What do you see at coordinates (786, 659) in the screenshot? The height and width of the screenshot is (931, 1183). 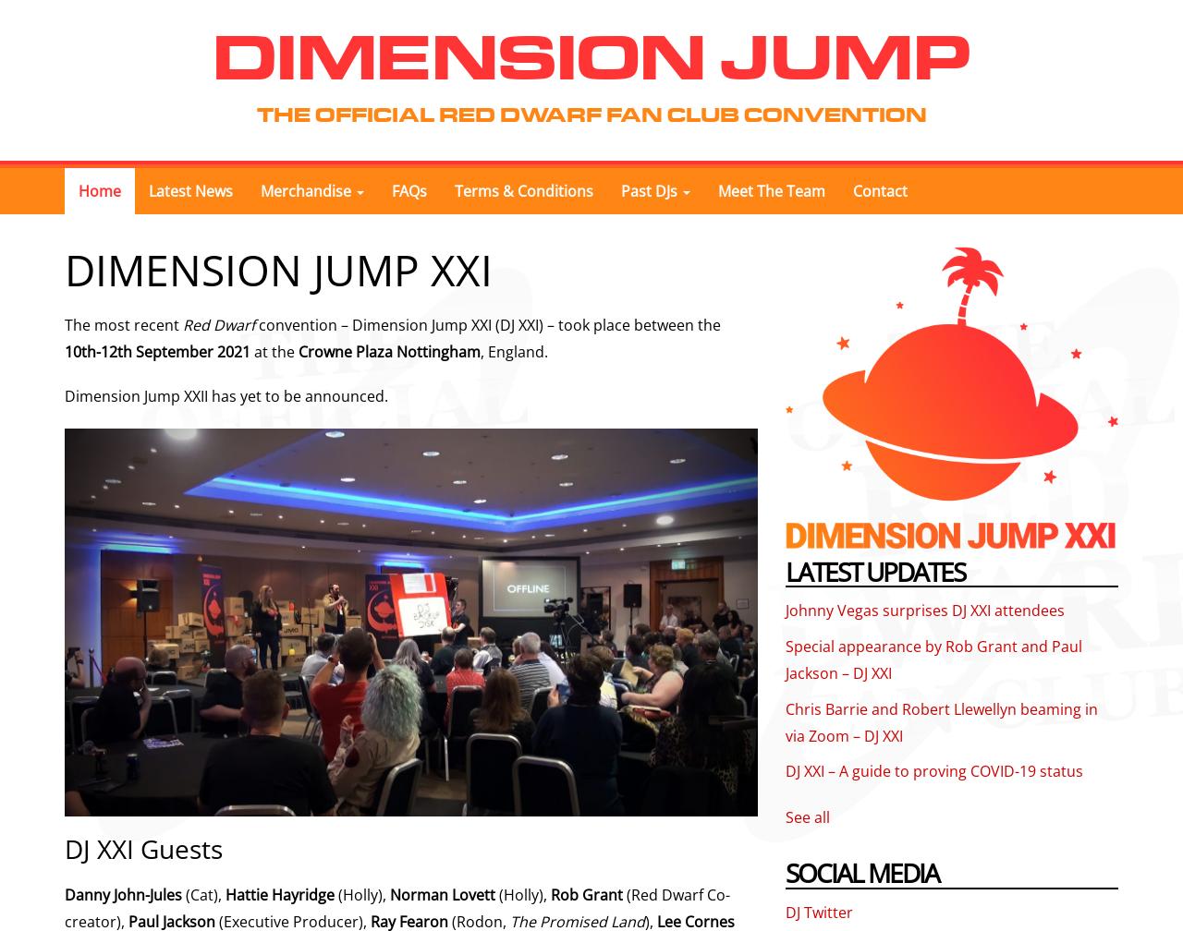 I see `'Special appearance by Rob Grant and Paul Jackson – DJ XXI'` at bounding box center [786, 659].